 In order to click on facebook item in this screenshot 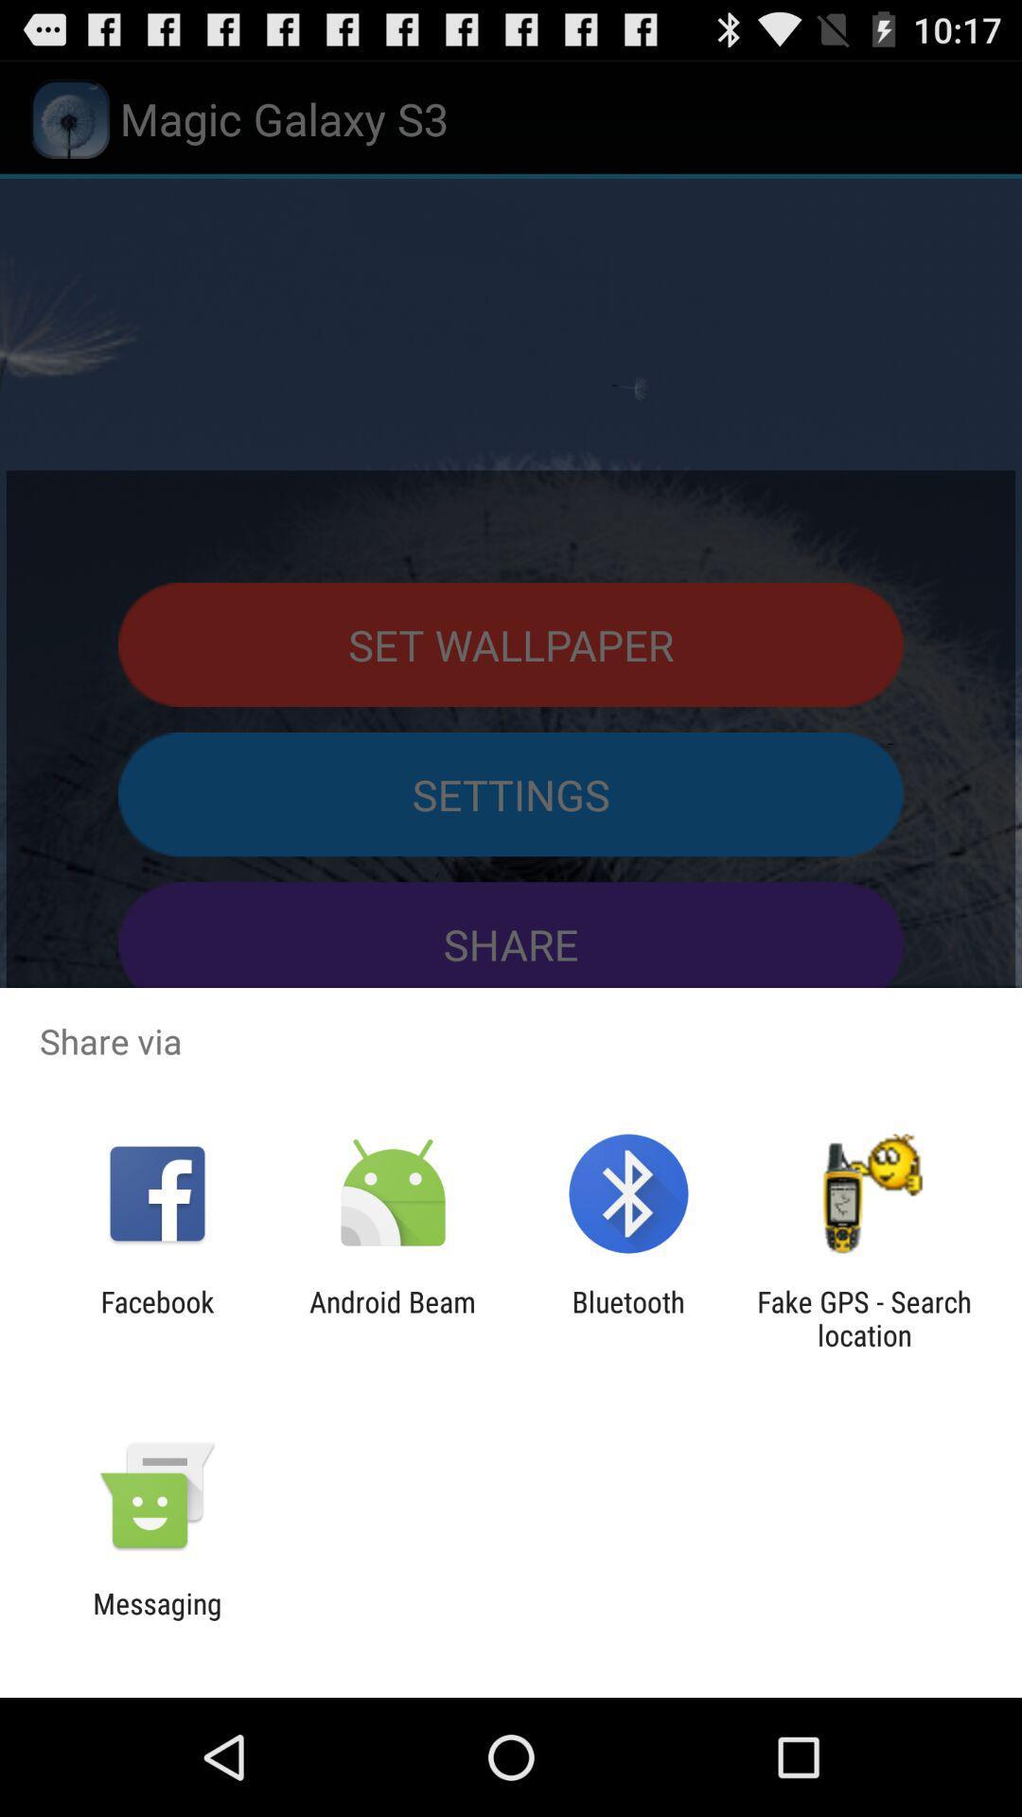, I will do `click(156, 1317)`.